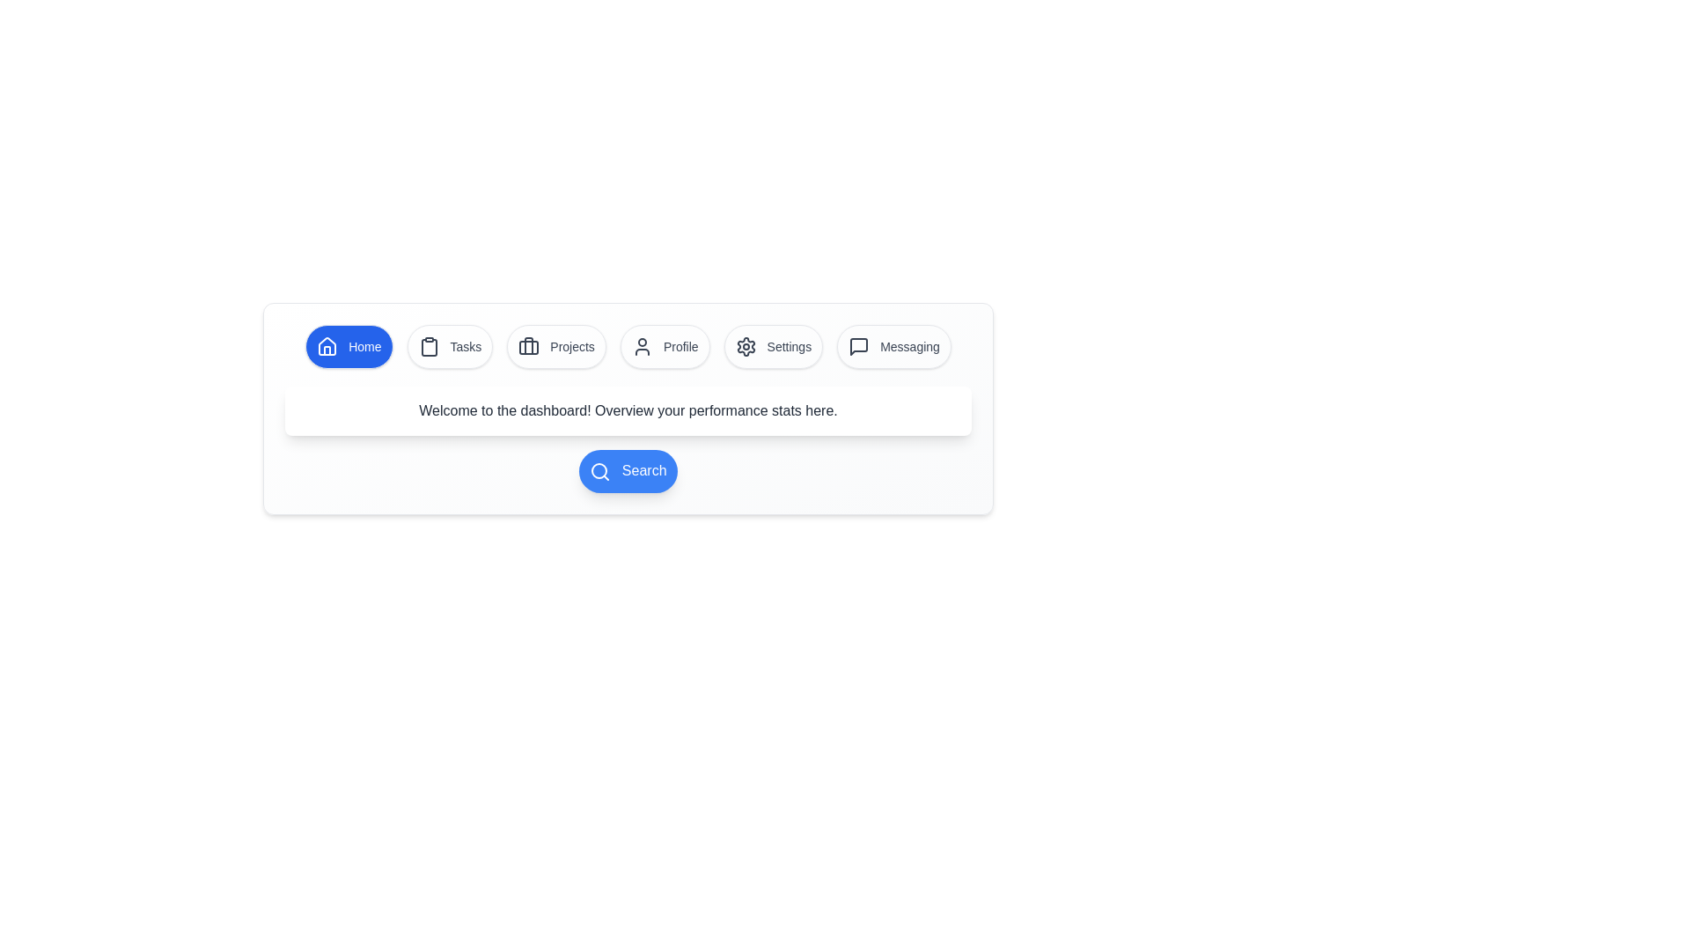 The height and width of the screenshot is (951, 1690). Describe the element at coordinates (628, 410) in the screenshot. I see `message in the rectangular notification area that states: 'Welcome to the dashboard! Overview your performance stats here.'` at that location.